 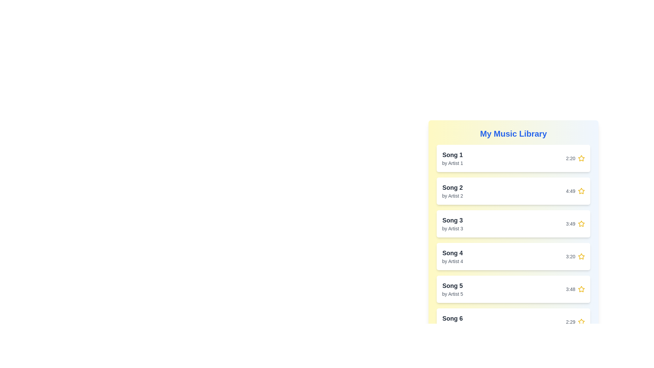 What do you see at coordinates (452, 188) in the screenshot?
I see `the text label displaying 'Song 2', which is bold and dark gray, located in the second list item of the music library interface, to interact with adjacent elements` at bounding box center [452, 188].